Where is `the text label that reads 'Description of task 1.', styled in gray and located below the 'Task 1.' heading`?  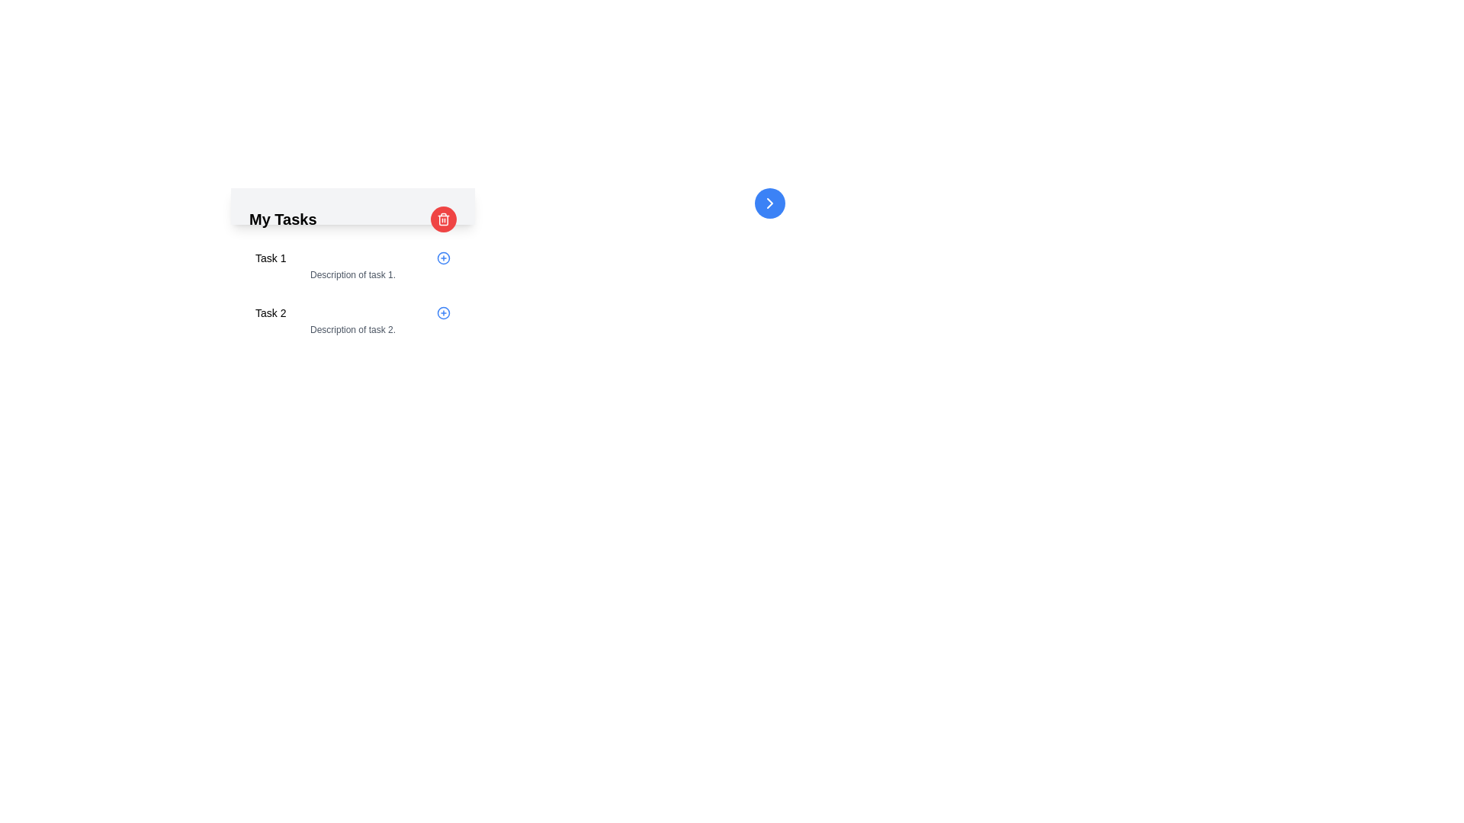
the text label that reads 'Description of task 1.', styled in gray and located below the 'Task 1.' heading is located at coordinates (352, 275).